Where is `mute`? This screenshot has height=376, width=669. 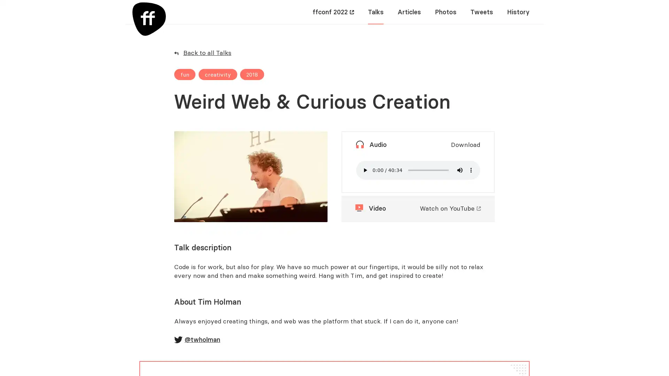 mute is located at coordinates (460, 170).